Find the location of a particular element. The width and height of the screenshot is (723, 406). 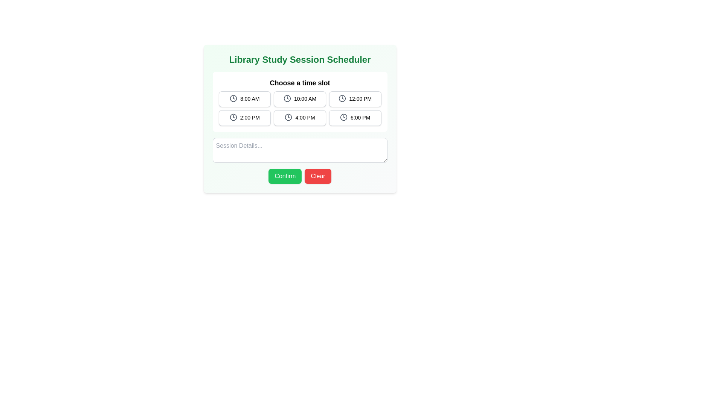

the time slot in the grid layout under the 'Choose a time slot' header is located at coordinates (299, 109).